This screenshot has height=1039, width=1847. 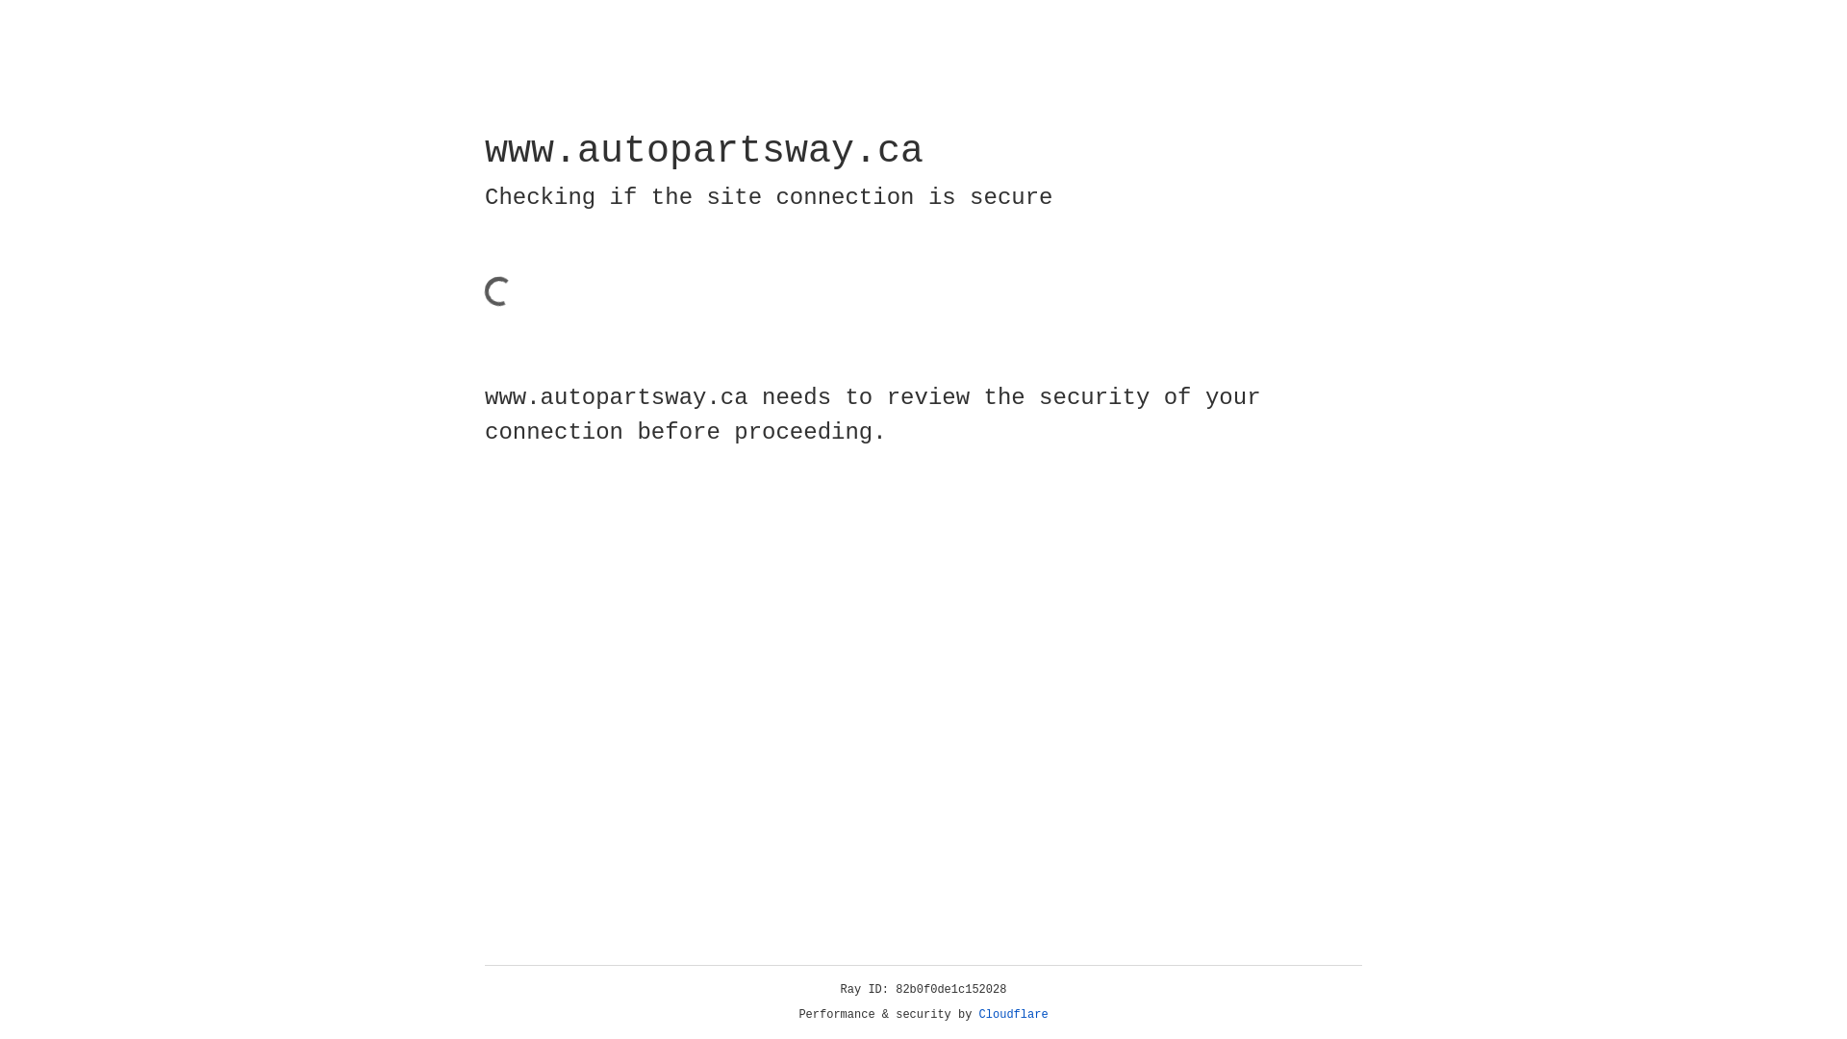 I want to click on 'Cloudflare', so click(x=978, y=1014).